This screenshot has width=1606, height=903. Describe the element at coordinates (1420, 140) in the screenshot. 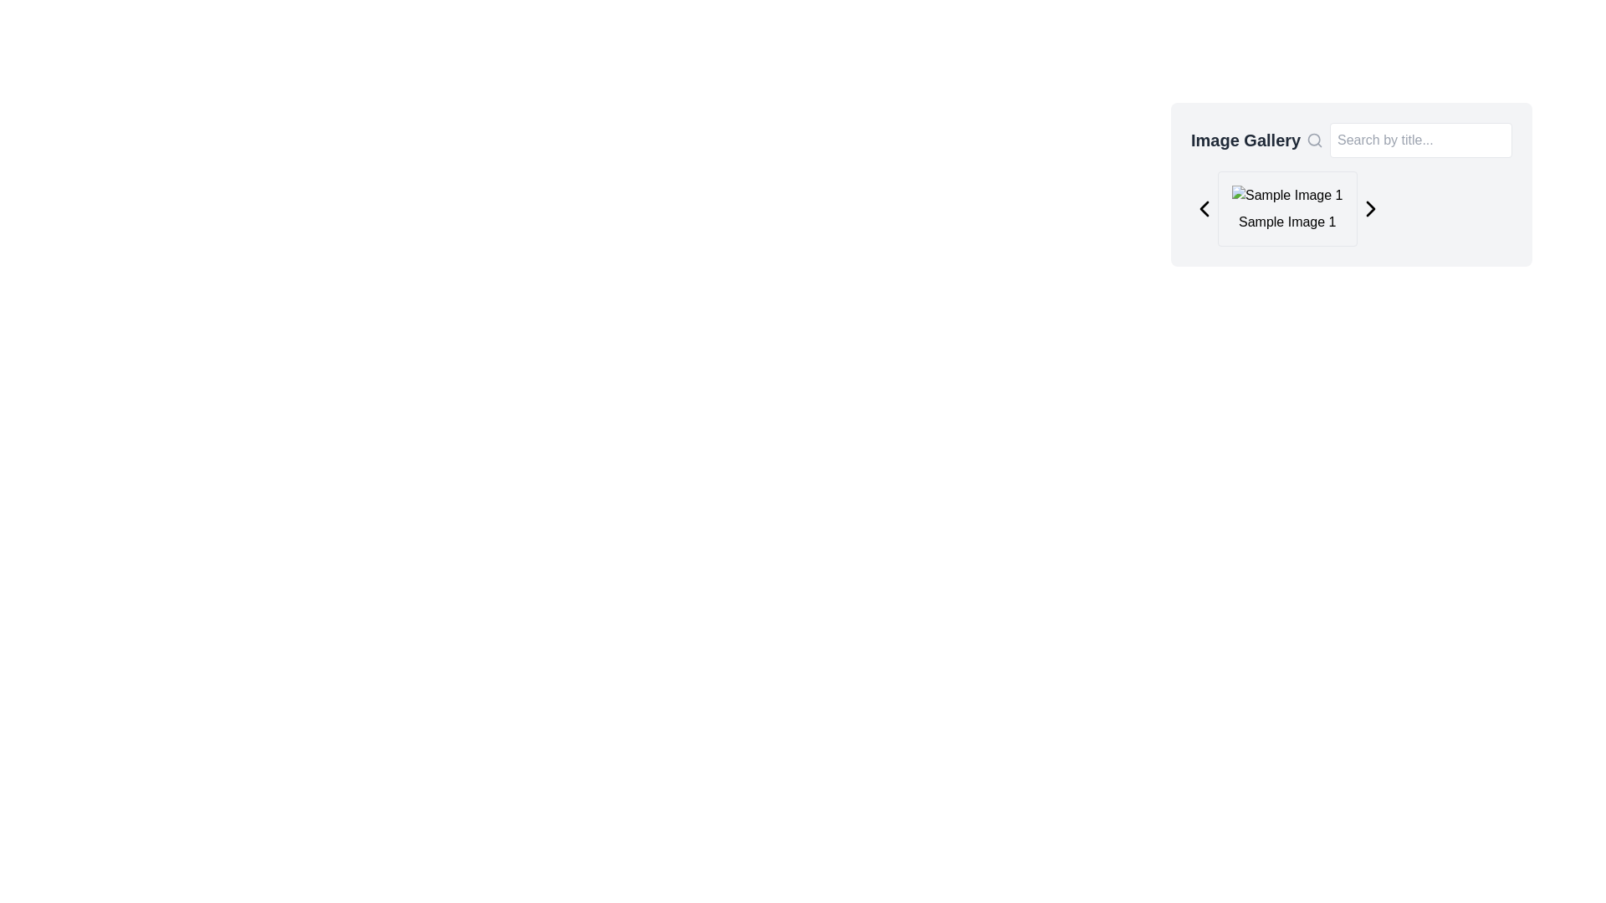

I see `to focus on the search query input field located at the top-right side of the image gallery interface panel` at that location.